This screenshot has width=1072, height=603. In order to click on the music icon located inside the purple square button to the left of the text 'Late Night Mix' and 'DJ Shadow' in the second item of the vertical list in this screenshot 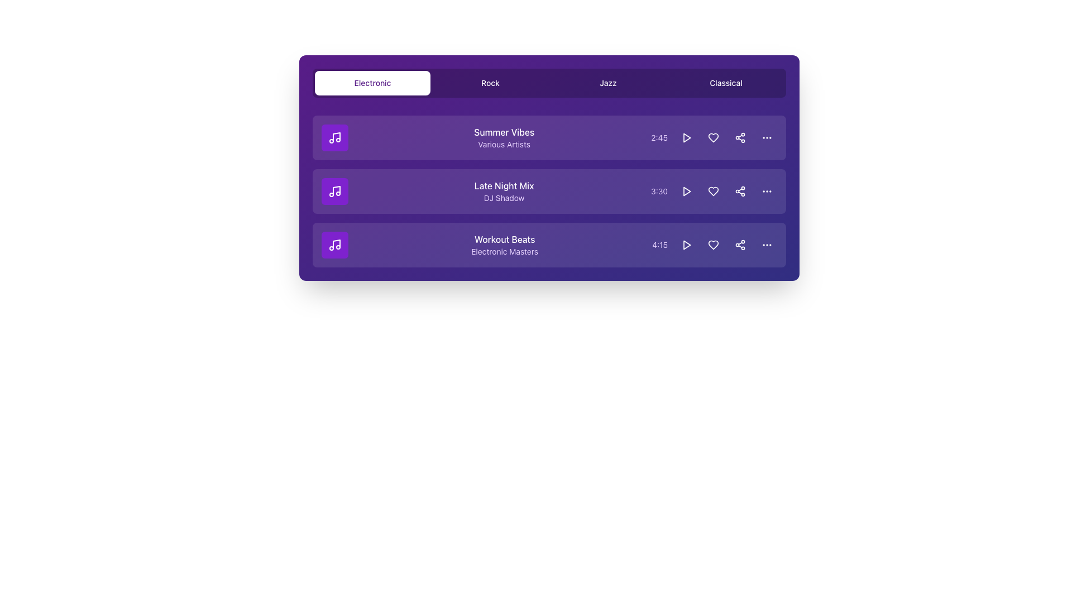, I will do `click(334, 191)`.